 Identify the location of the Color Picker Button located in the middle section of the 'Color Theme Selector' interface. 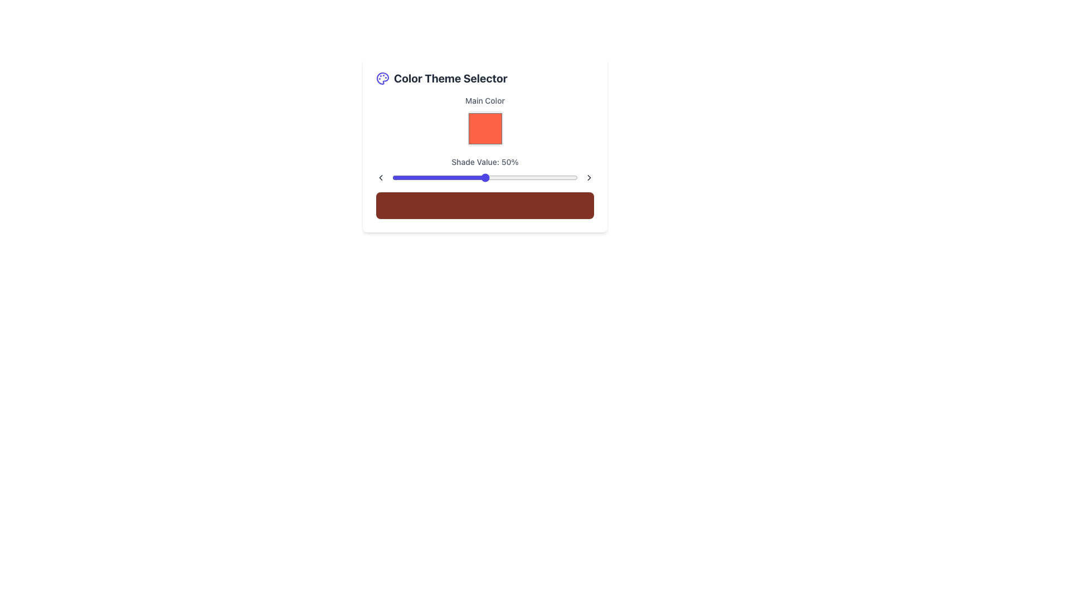
(485, 122).